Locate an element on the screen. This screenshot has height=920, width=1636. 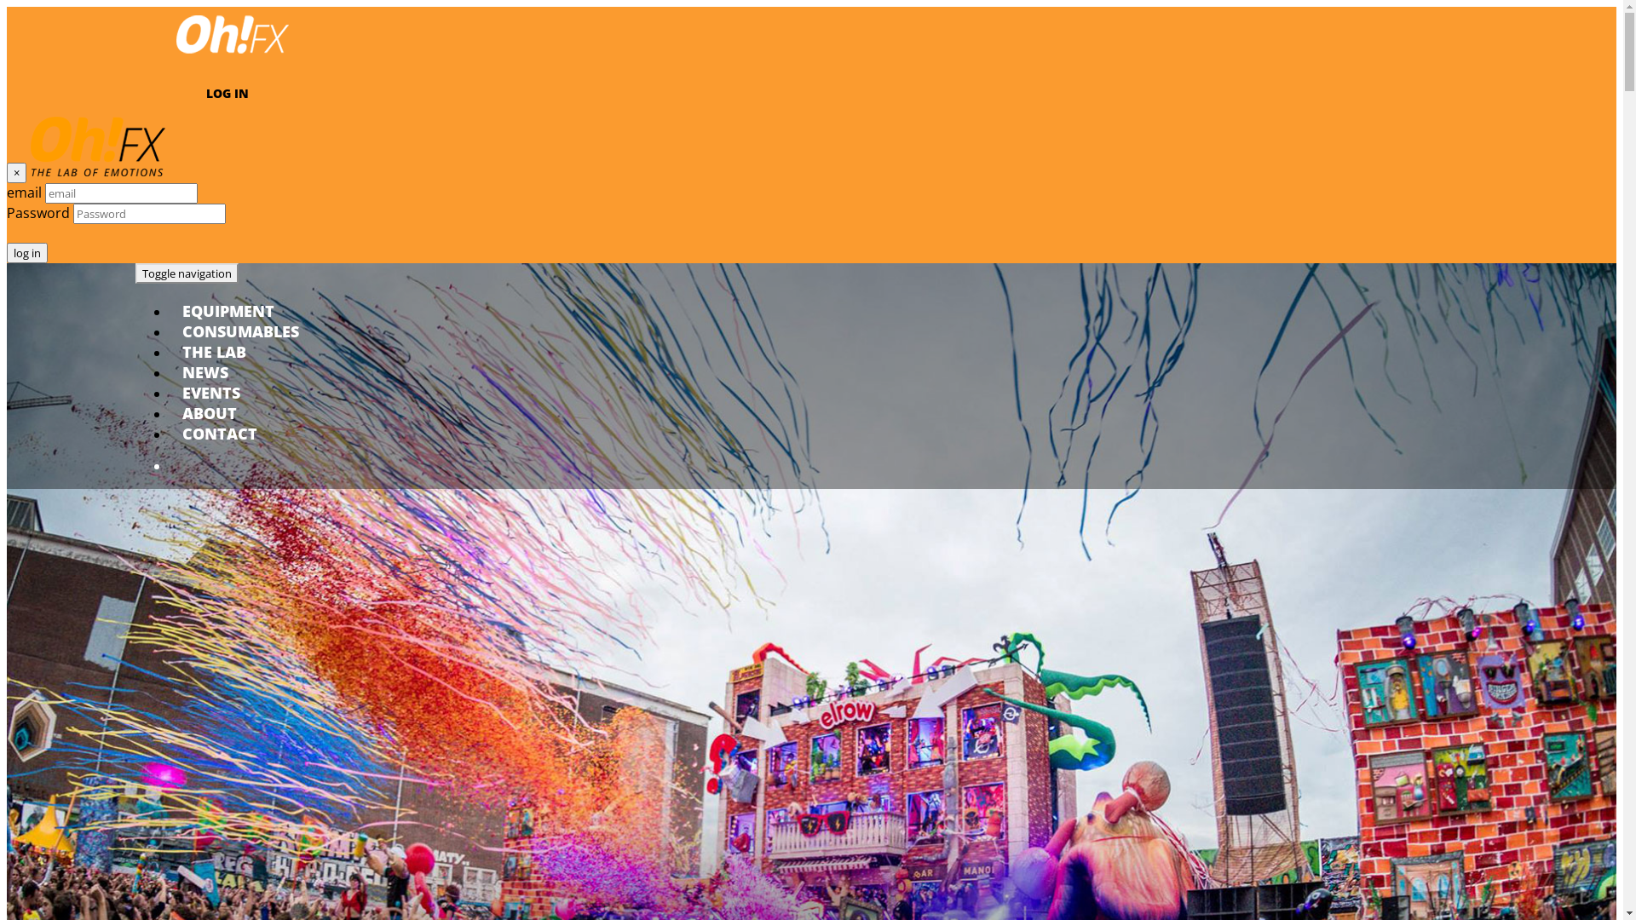
'EQUIPMENT' is located at coordinates (228, 311).